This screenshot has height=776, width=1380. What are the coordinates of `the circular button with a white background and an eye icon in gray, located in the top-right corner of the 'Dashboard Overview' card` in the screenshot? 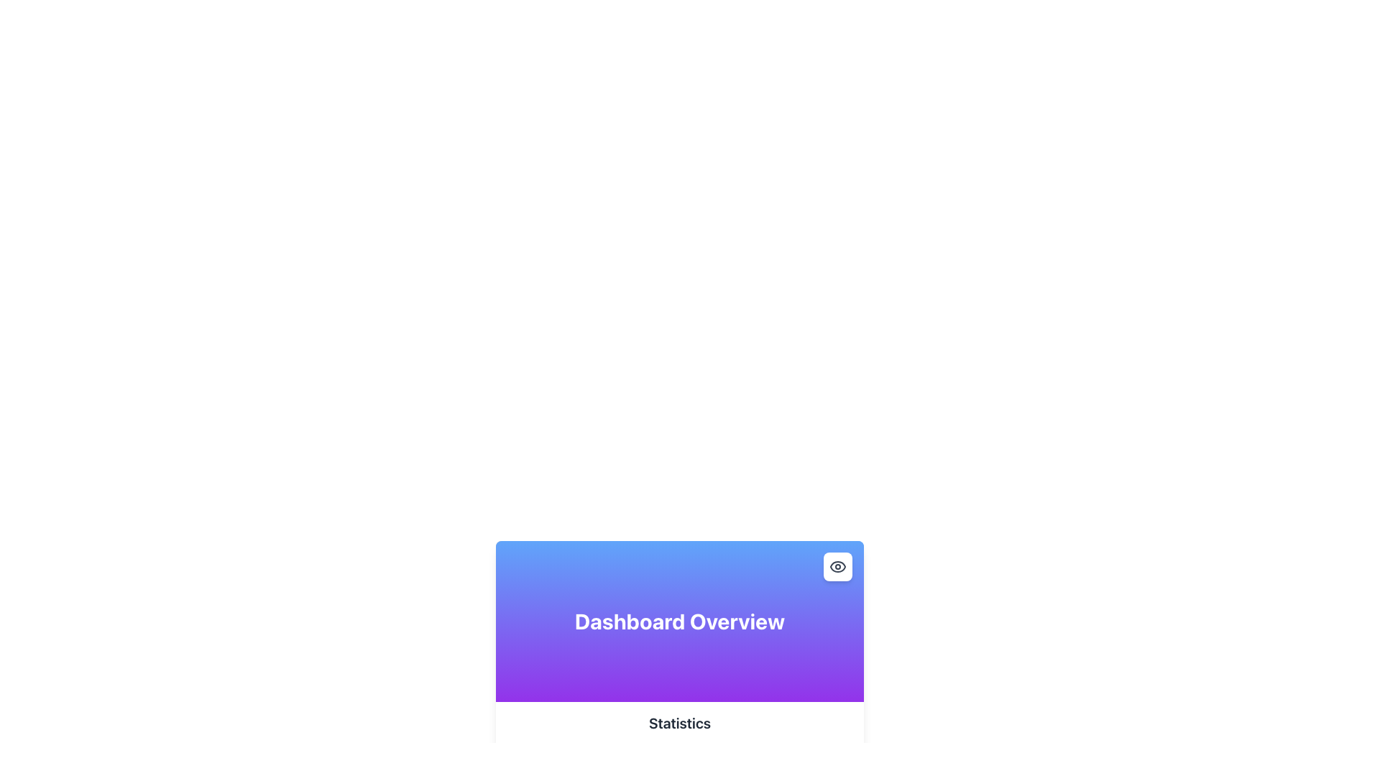 It's located at (838, 566).